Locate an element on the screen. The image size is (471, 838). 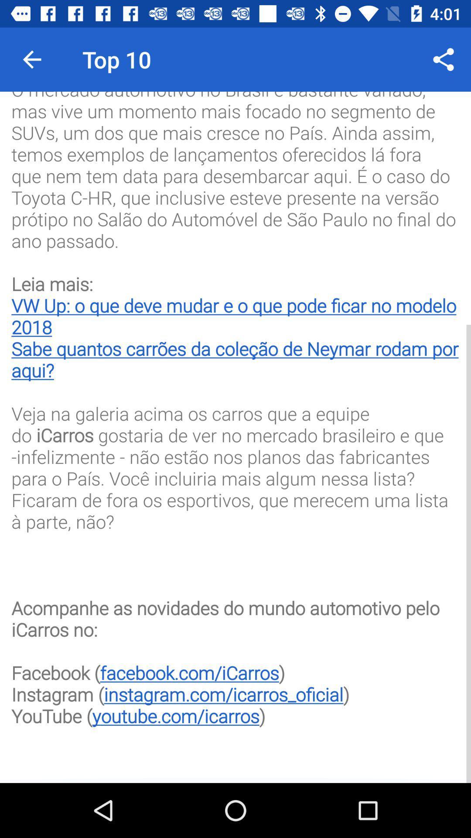
the icon above the o mercado automotivo item is located at coordinates (444, 59).